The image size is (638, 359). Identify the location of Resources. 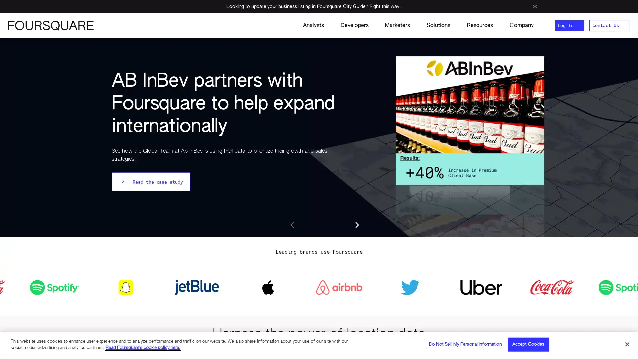
(480, 25).